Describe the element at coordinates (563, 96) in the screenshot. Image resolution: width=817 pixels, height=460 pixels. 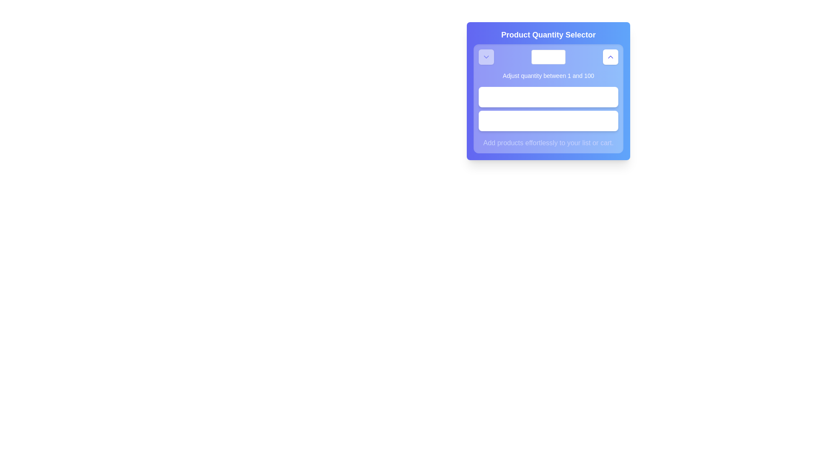
I see `the quantity` at that location.